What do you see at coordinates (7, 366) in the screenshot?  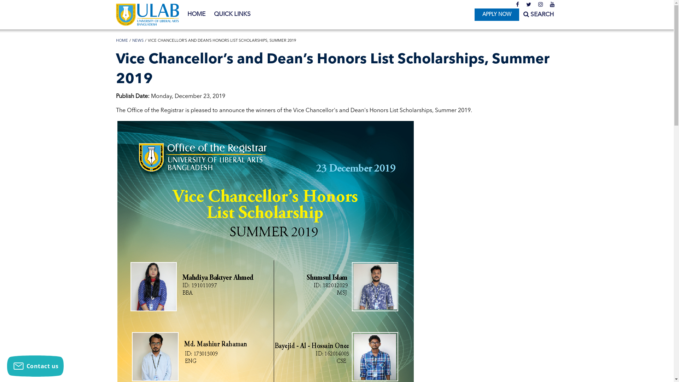 I see `'Contact us'` at bounding box center [7, 366].